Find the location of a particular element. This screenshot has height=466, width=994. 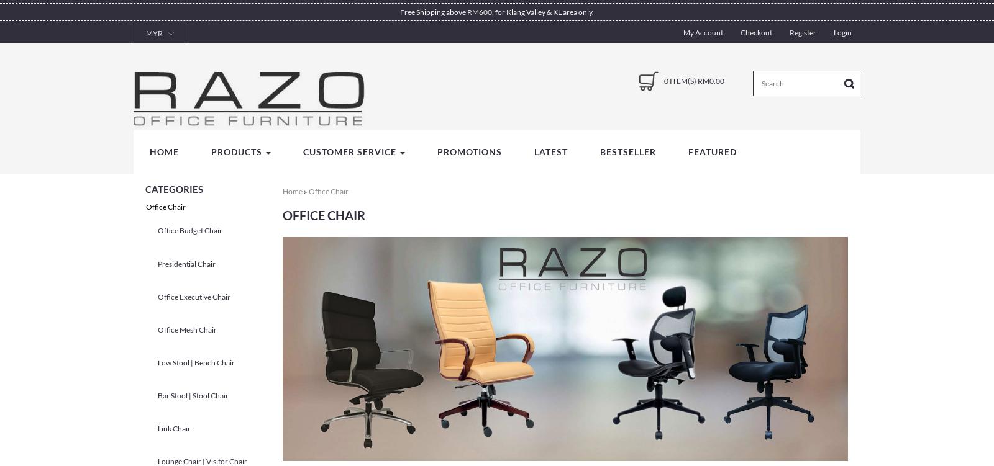

'Customer Service' is located at coordinates (303, 151).